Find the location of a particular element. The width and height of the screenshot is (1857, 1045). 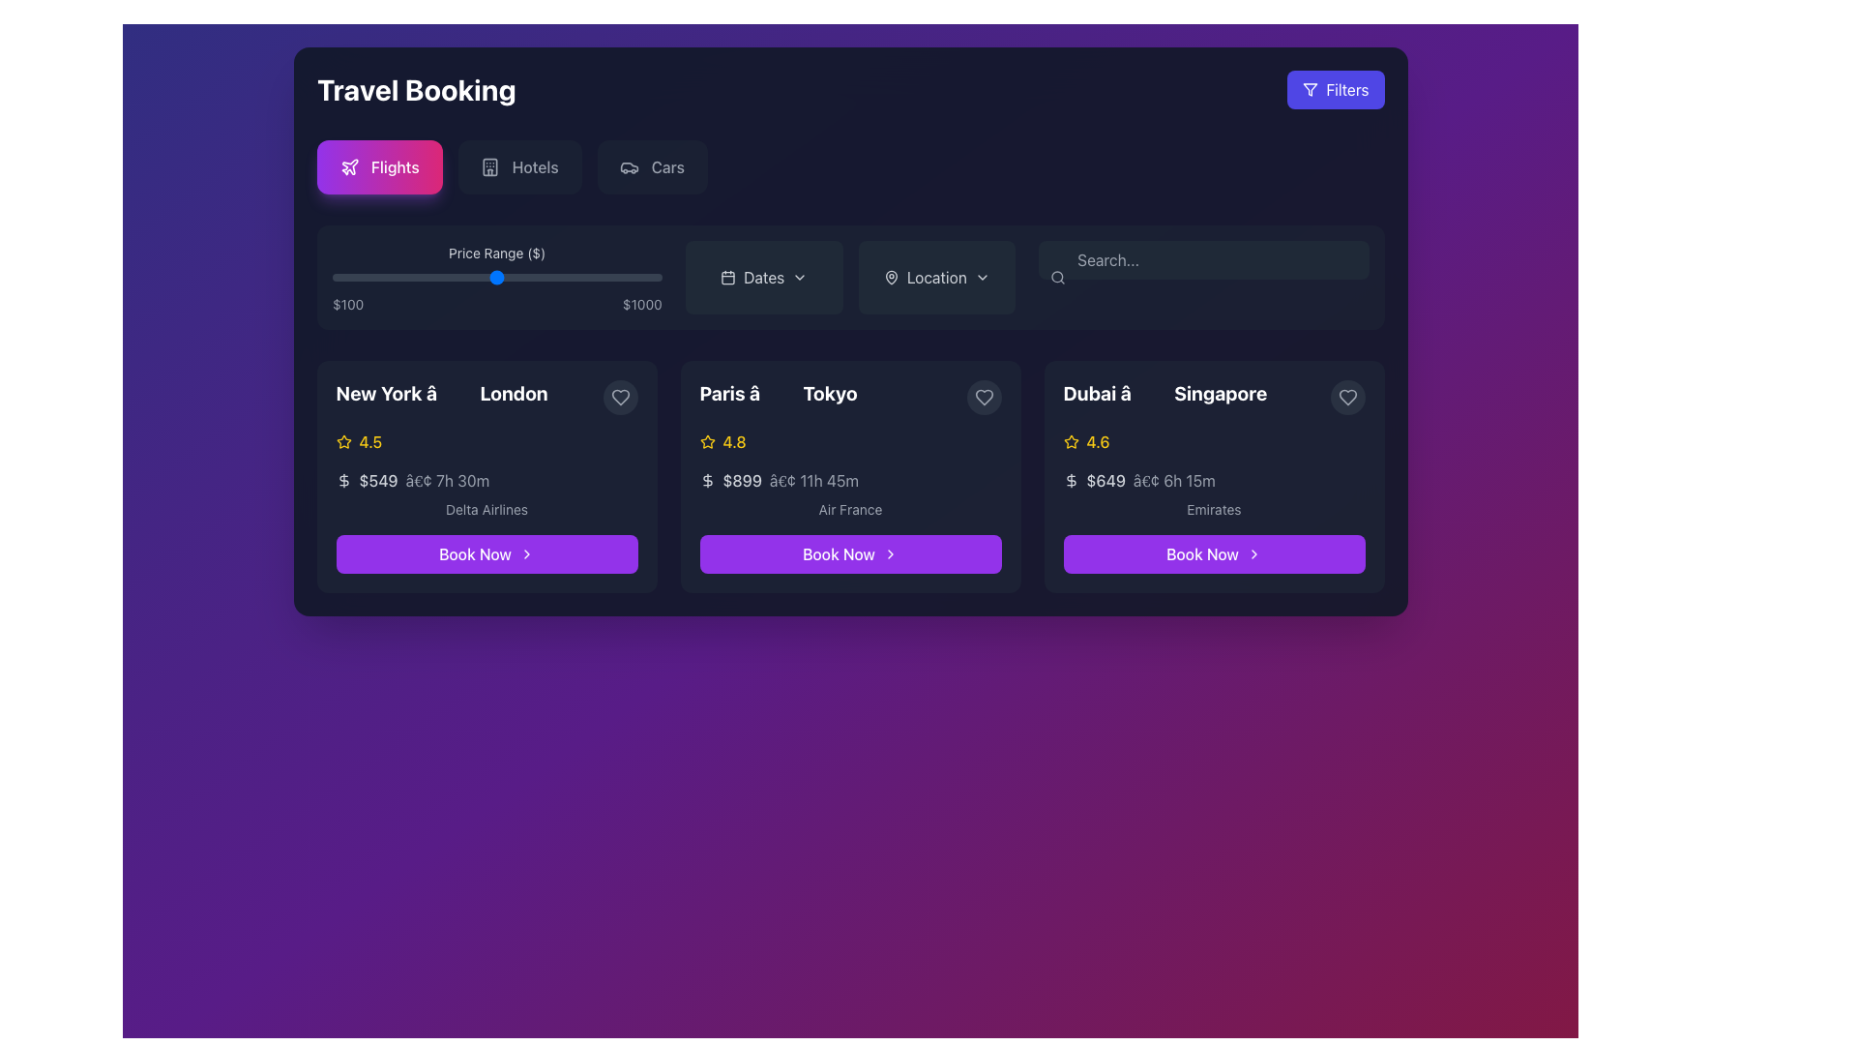

the 'Book Now' button located at the bottom of the first travel card displaying a flight from 'New York' to 'London' to proceed with booking is located at coordinates (475, 554).